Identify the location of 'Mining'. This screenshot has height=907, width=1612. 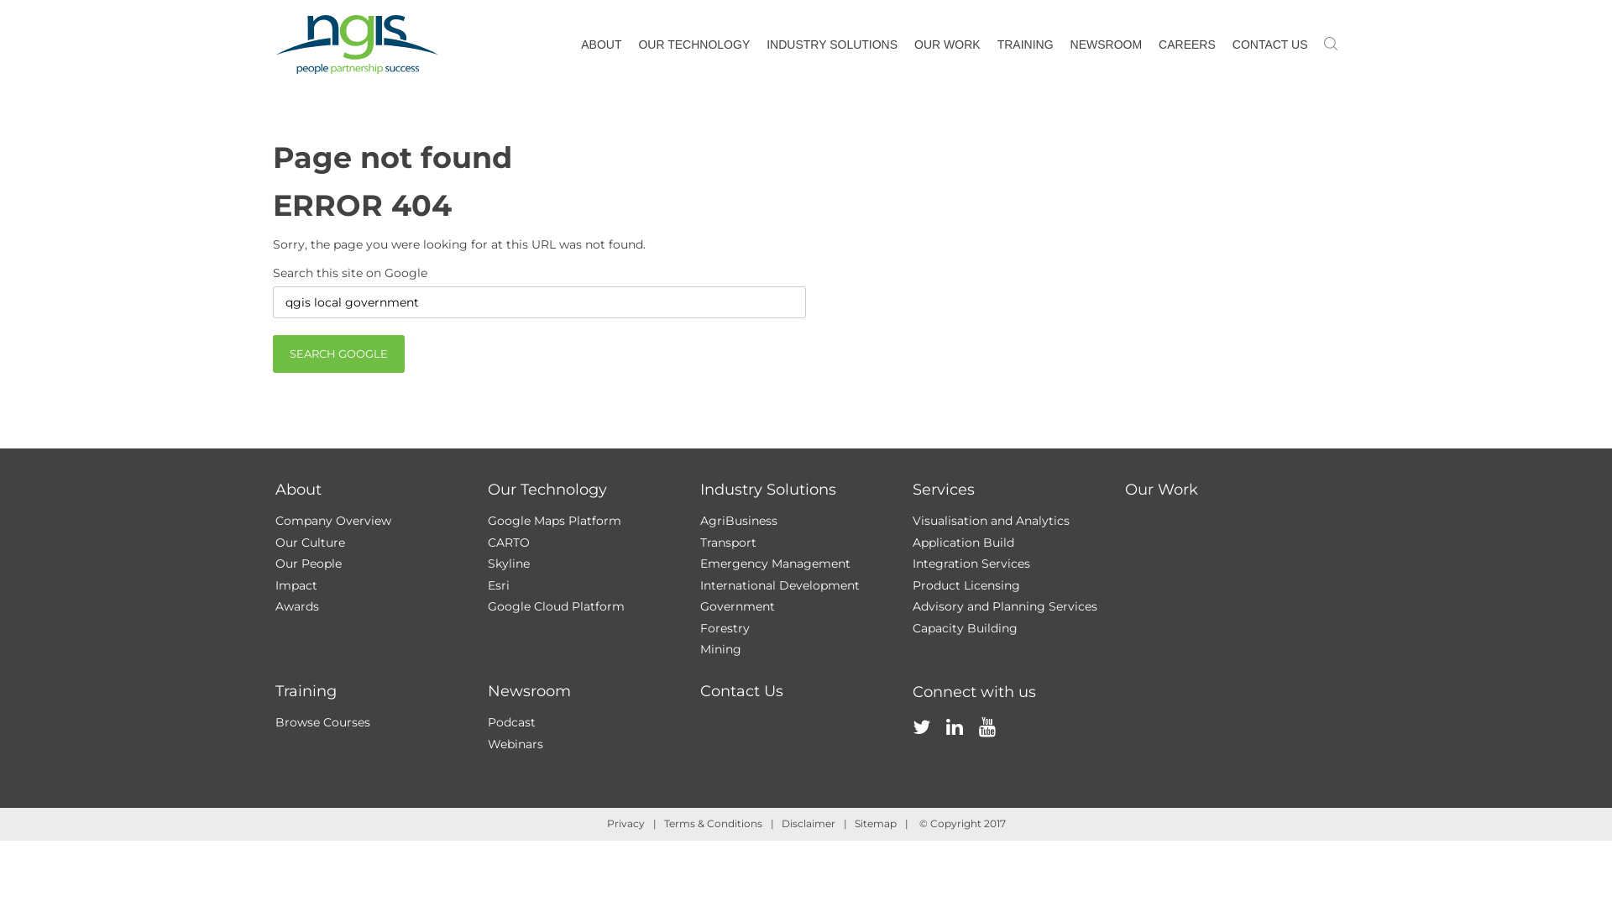
(700, 647).